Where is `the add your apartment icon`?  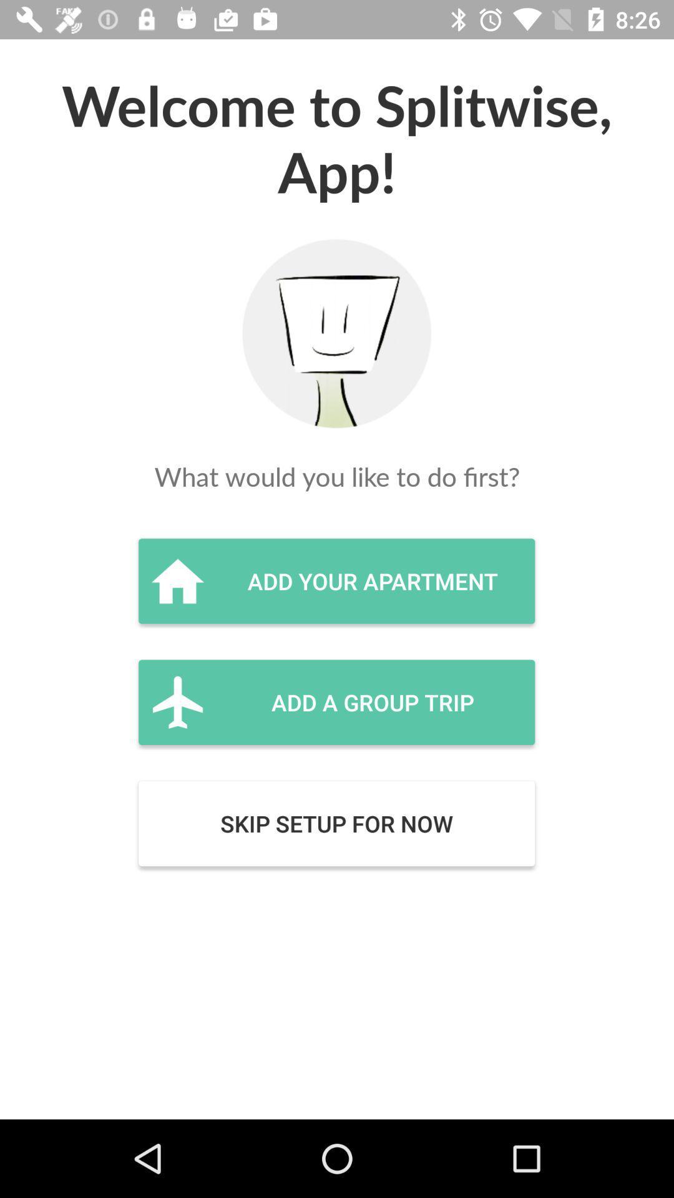 the add your apartment icon is located at coordinates (336, 580).